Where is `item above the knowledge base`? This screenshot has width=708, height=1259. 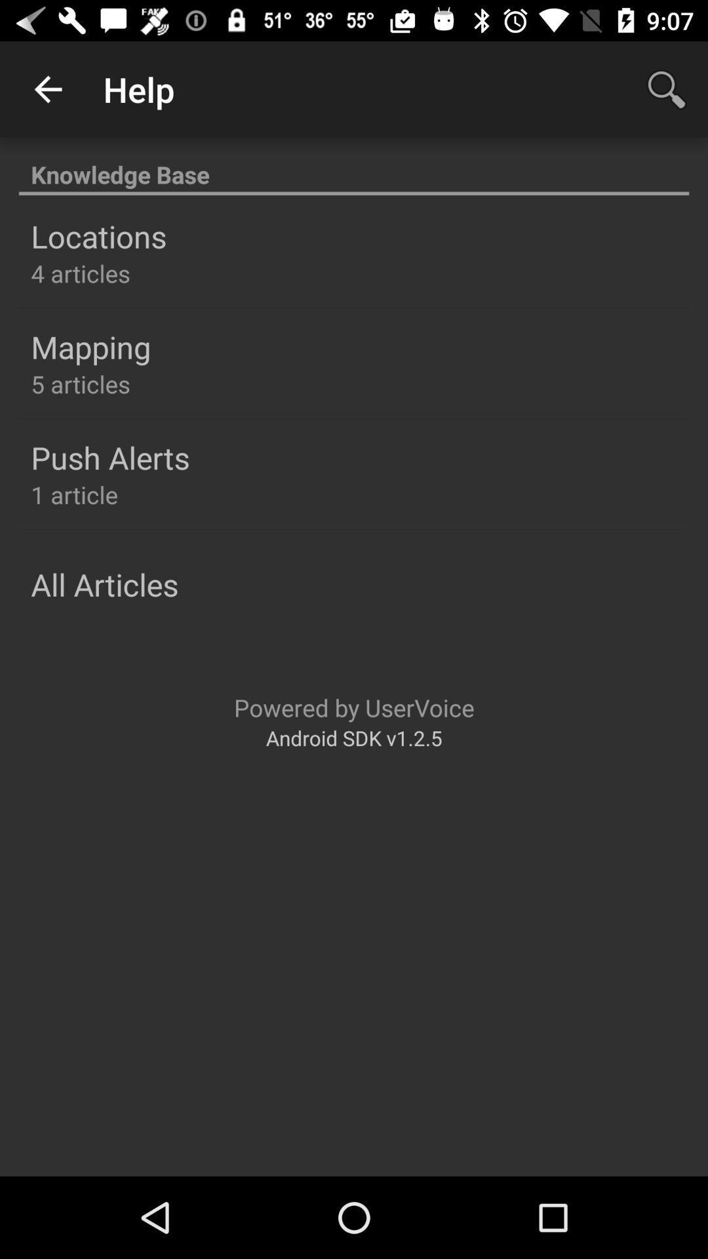 item above the knowledge base is located at coordinates (47, 89).